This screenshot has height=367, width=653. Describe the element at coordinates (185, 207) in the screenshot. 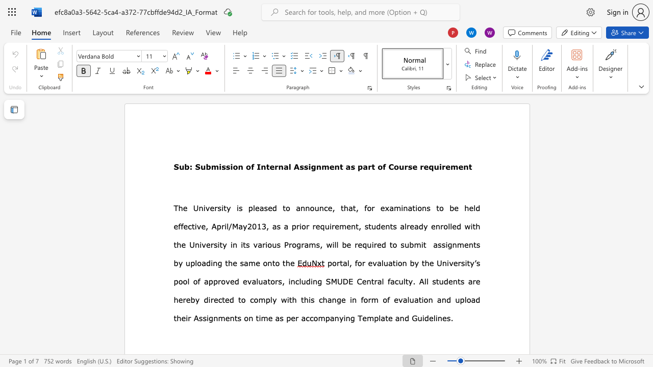

I see `the 1th character "e" in the text` at that location.